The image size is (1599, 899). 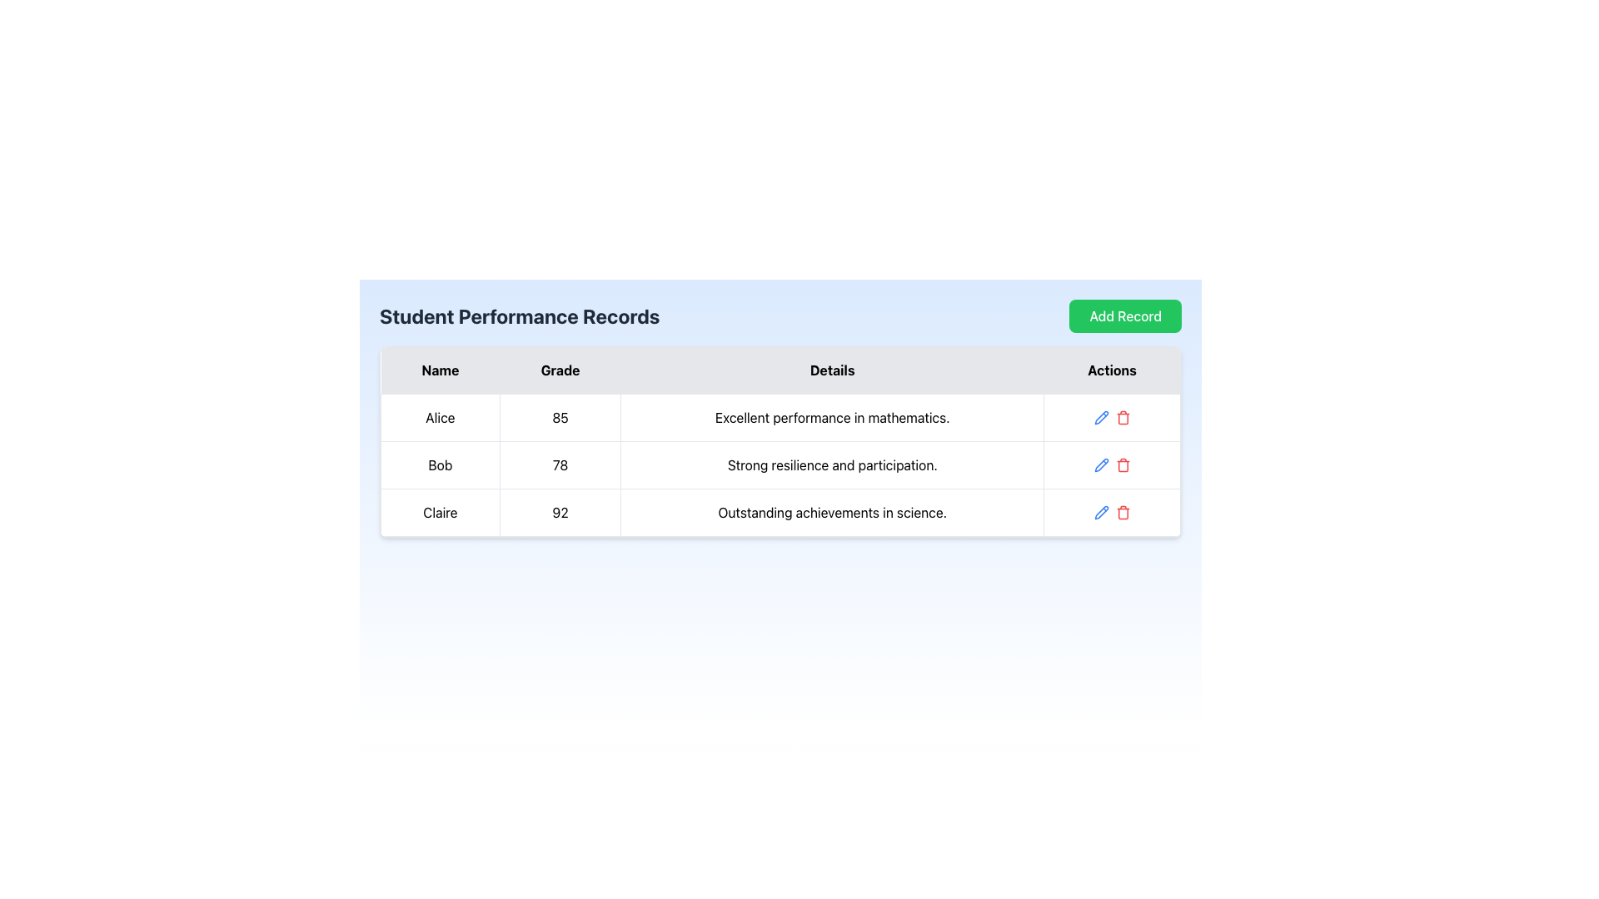 What do you see at coordinates (1123, 416) in the screenshot?
I see `the delete icon in the 'Actions' column of the table row containing the student 'Alice'` at bounding box center [1123, 416].